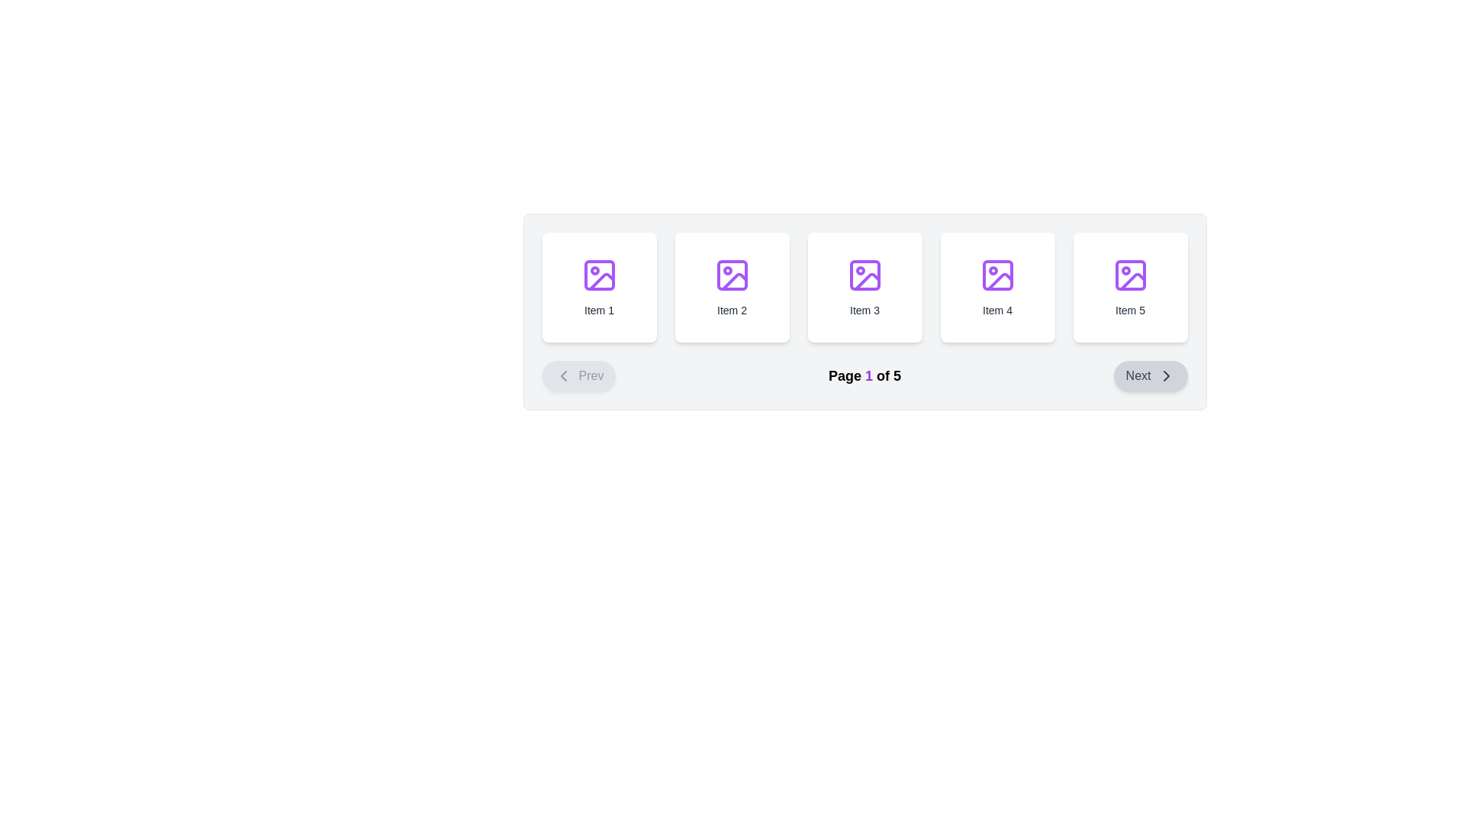  What do you see at coordinates (865, 376) in the screenshot?
I see `the page number display text label element, which indicates the current page (1) out of 5, located centrally between the 'Prev' and 'Next' buttons in the pagination interface` at bounding box center [865, 376].